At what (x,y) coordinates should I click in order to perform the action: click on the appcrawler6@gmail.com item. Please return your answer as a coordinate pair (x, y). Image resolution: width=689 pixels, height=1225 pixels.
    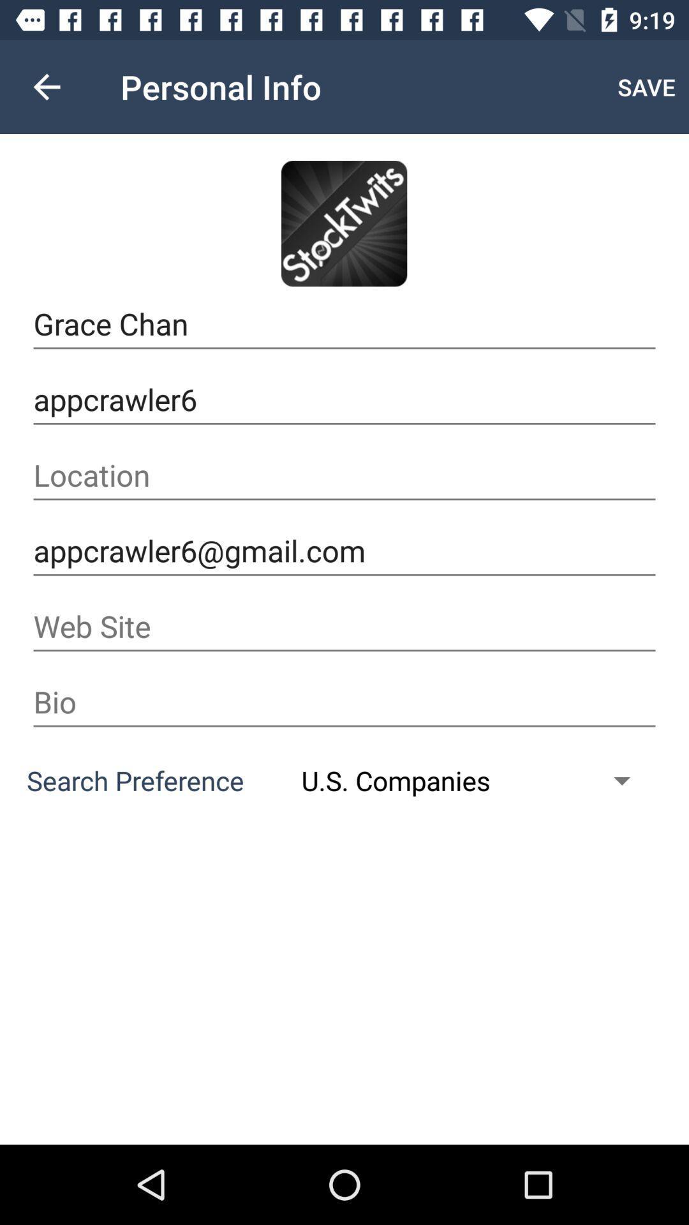
    Looking at the image, I should click on (344, 551).